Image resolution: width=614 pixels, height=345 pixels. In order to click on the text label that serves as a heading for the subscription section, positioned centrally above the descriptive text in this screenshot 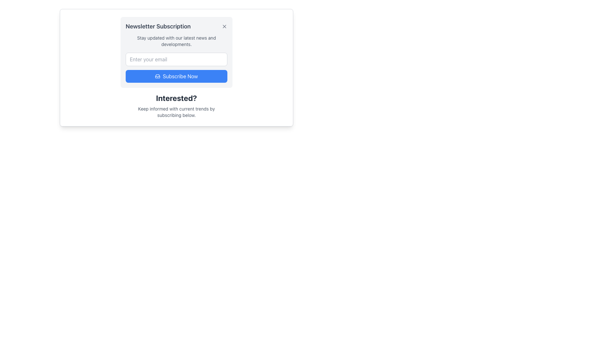, I will do `click(177, 98)`.